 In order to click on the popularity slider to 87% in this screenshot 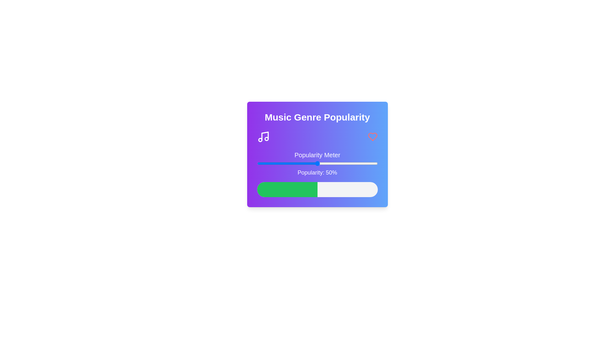, I will do `click(362, 163)`.